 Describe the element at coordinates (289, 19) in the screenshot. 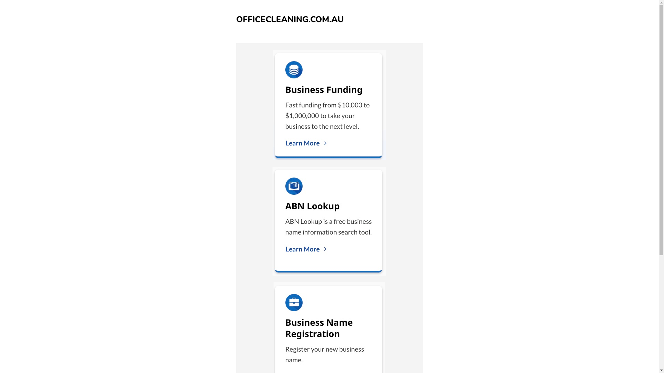

I see `'OFFICECLEANING.COM.AU'` at that location.